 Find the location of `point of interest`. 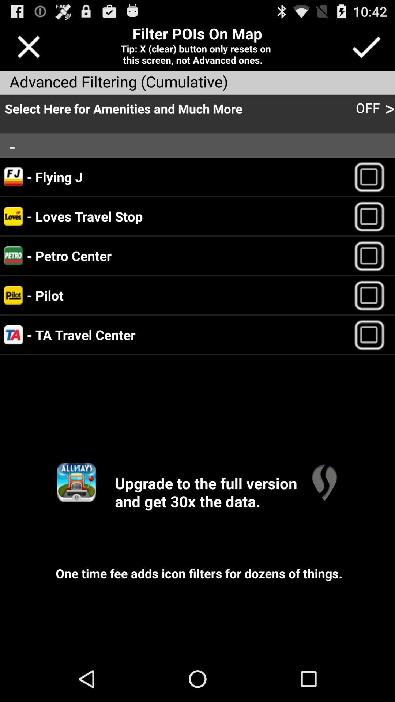

point of interest is located at coordinates (373, 216).